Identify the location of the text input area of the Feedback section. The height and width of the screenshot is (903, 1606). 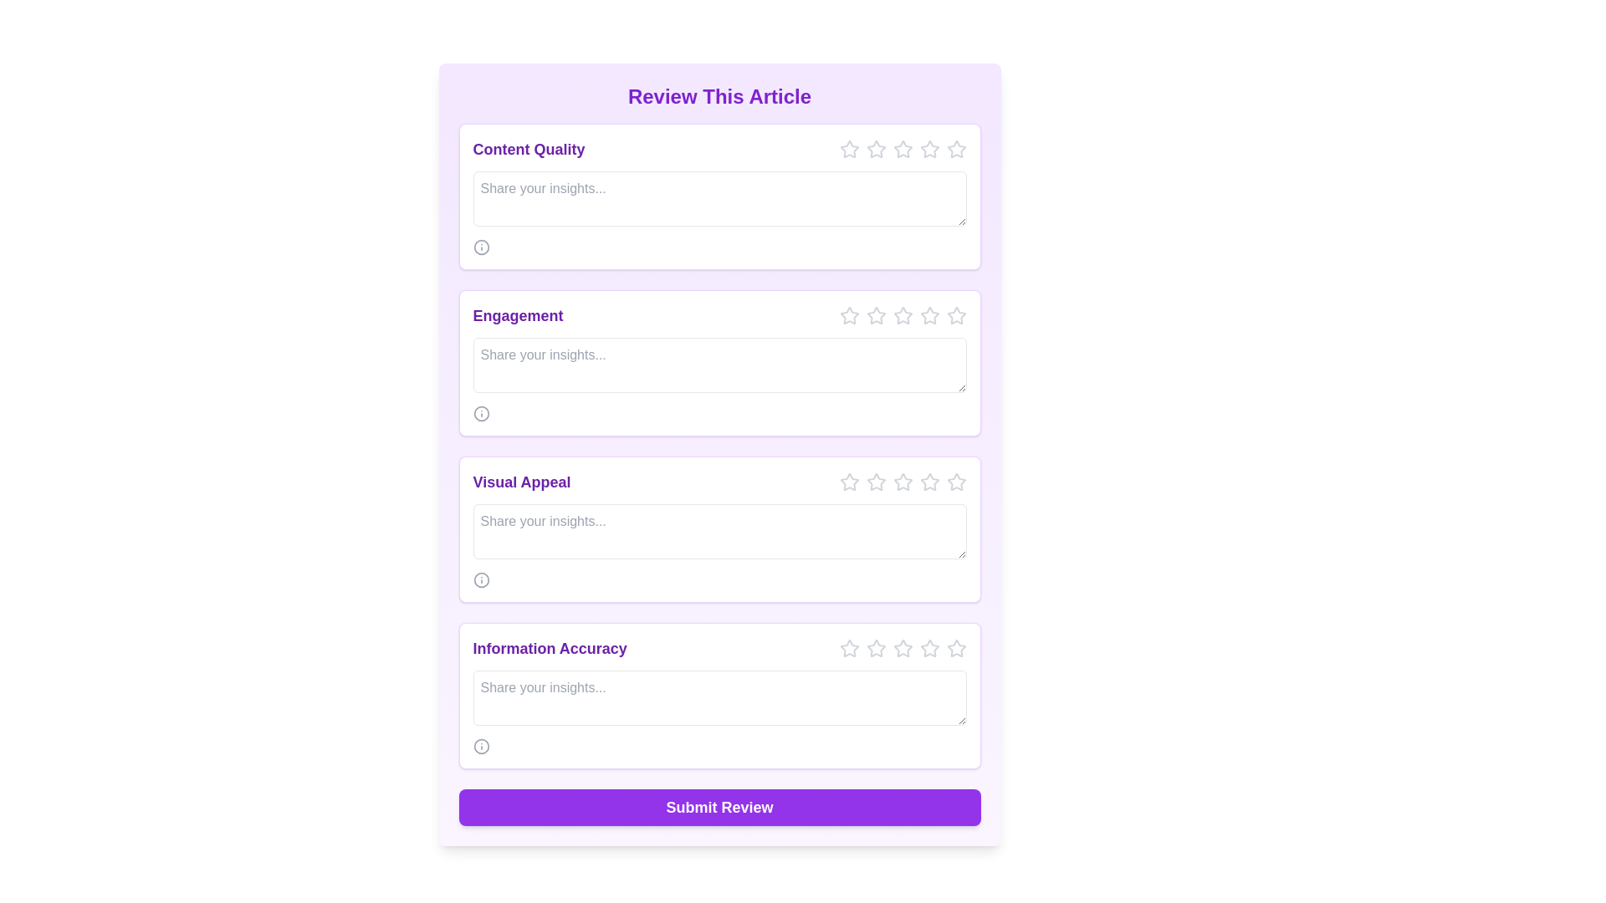
(719, 196).